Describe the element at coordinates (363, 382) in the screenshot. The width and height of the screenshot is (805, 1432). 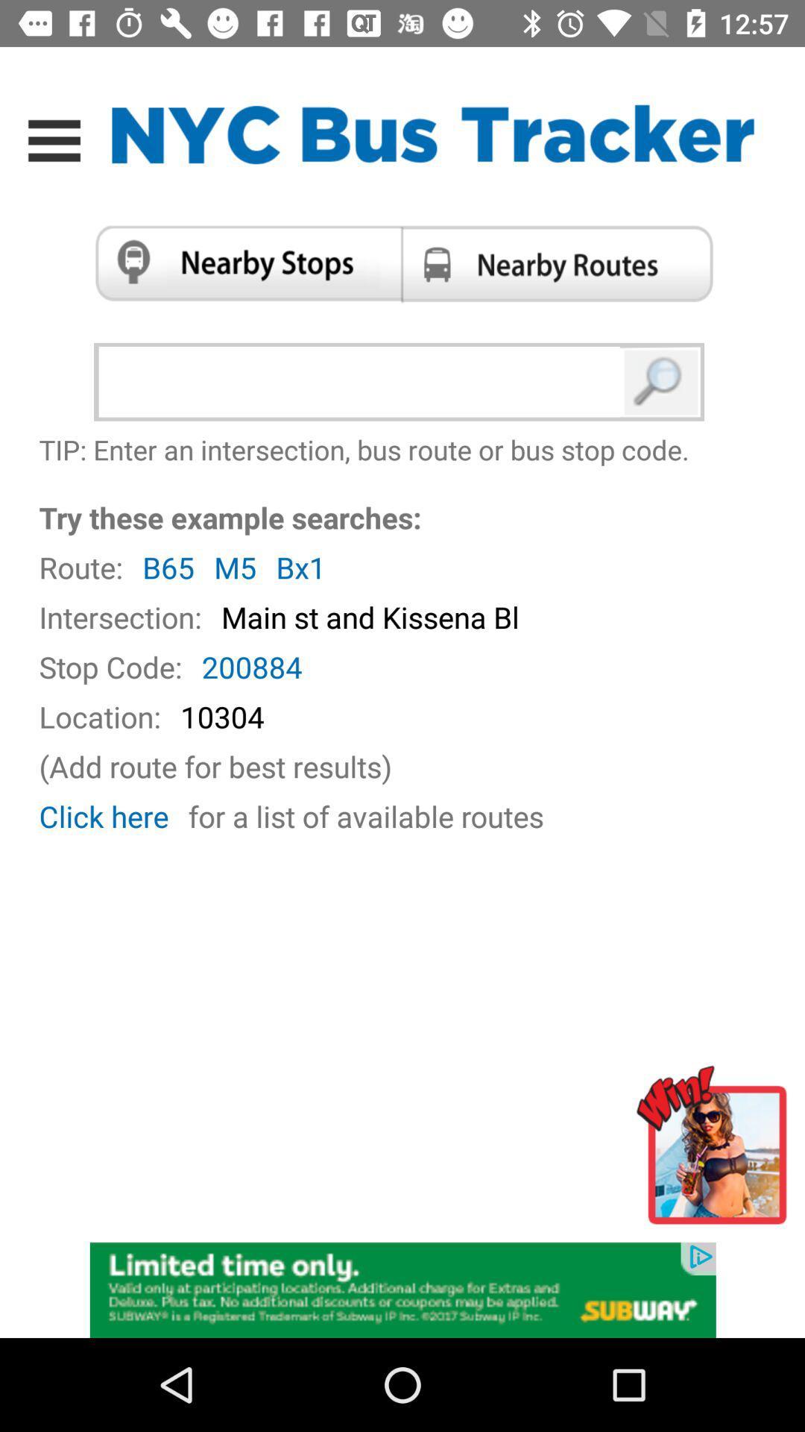
I see `search bar` at that location.